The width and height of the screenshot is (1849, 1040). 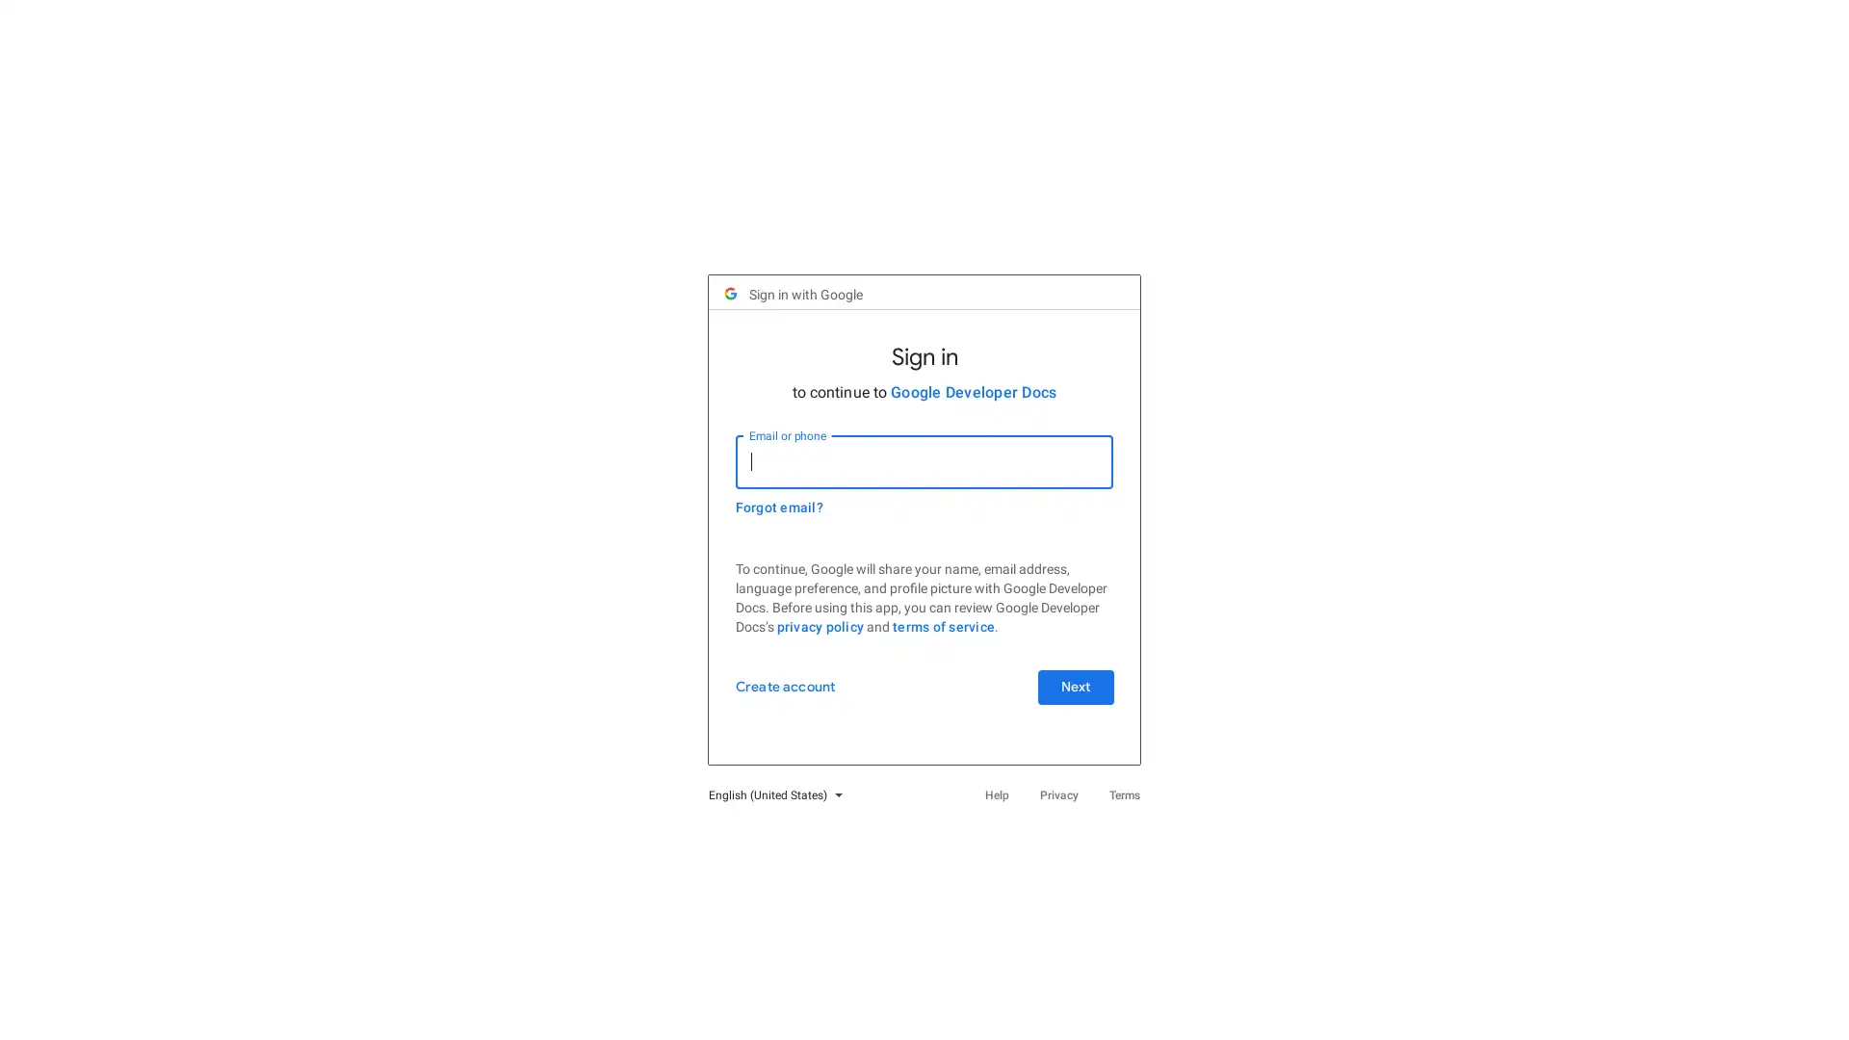 I want to click on Google Developer Docs, so click(x=974, y=390).